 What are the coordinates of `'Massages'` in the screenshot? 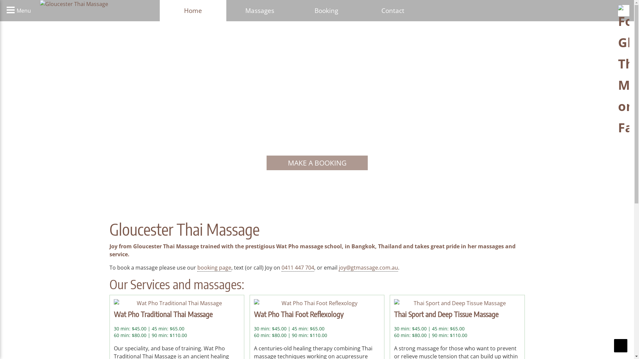 It's located at (259, 10).